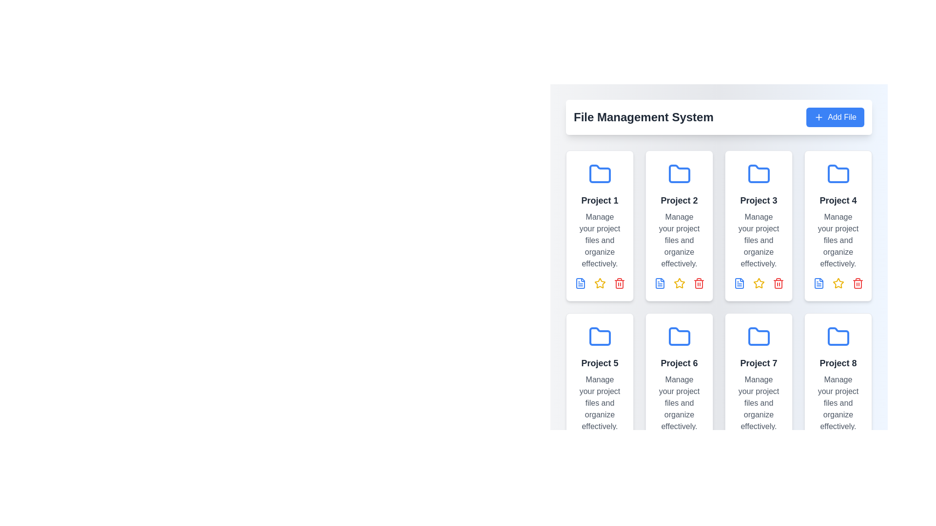 The image size is (936, 526). What do you see at coordinates (838, 403) in the screenshot?
I see `the Text Label that provides supplemental details about the project titled 'Project 8', located below the title and above file operation icons` at bounding box center [838, 403].